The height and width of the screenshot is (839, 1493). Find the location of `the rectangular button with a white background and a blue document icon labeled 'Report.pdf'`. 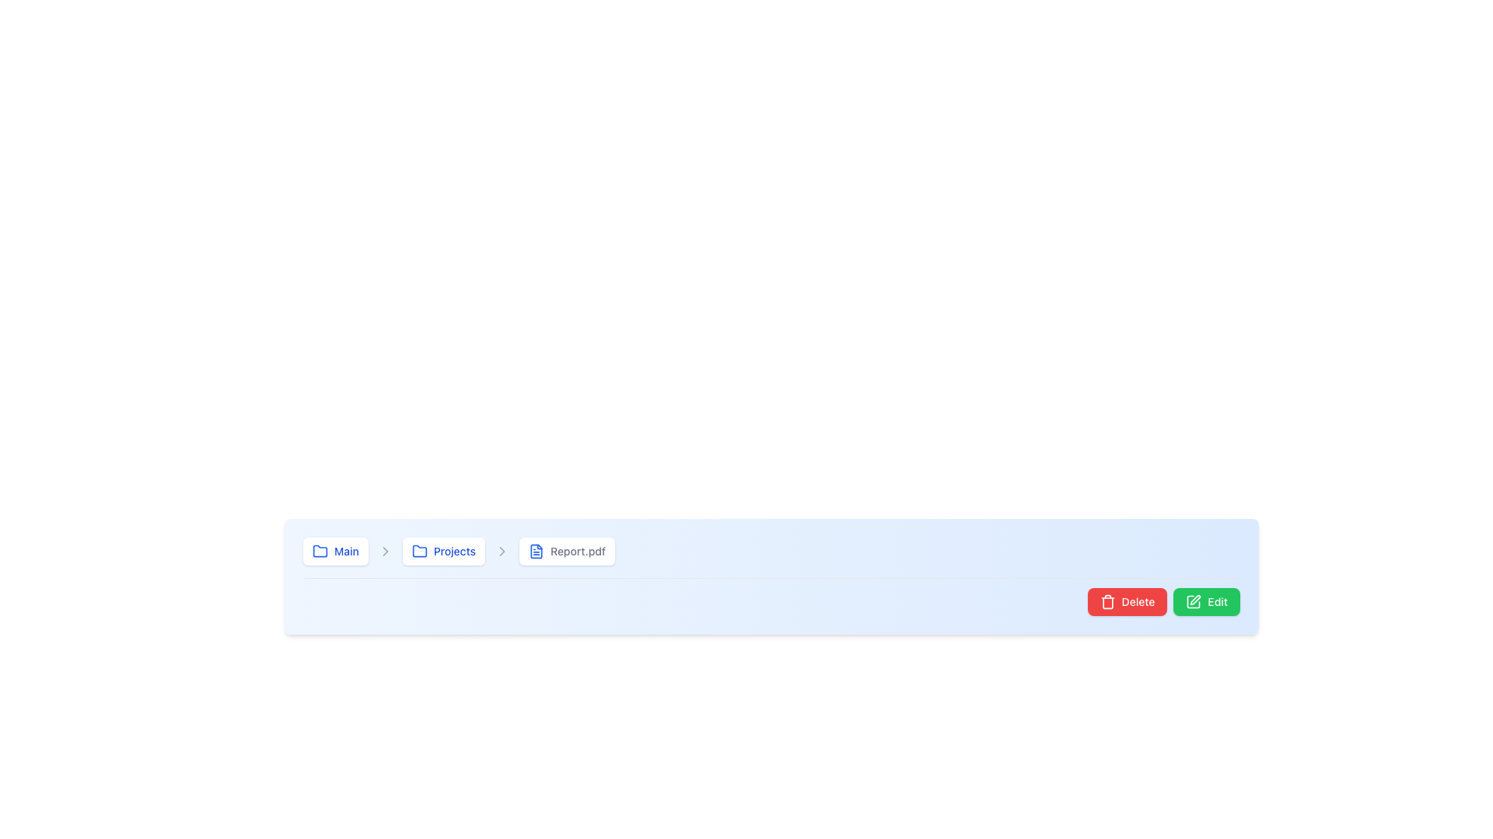

the rectangular button with a white background and a blue document icon labeled 'Report.pdf' is located at coordinates (566, 550).